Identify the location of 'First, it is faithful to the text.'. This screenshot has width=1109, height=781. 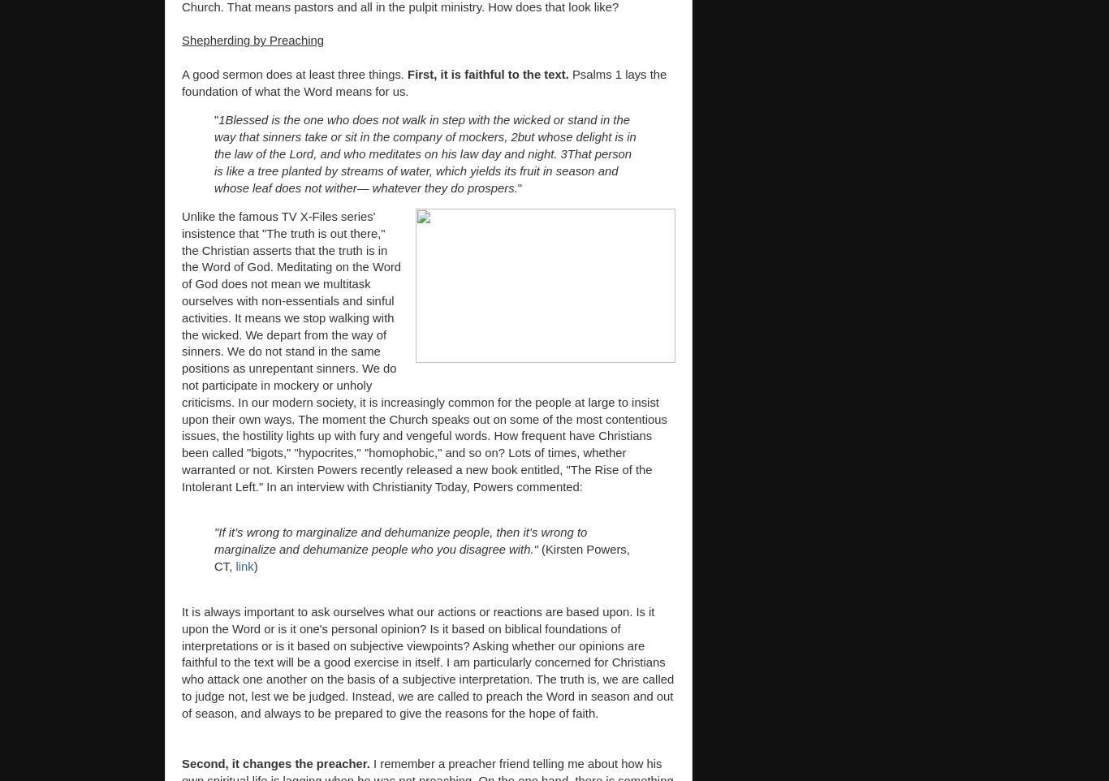
(487, 74).